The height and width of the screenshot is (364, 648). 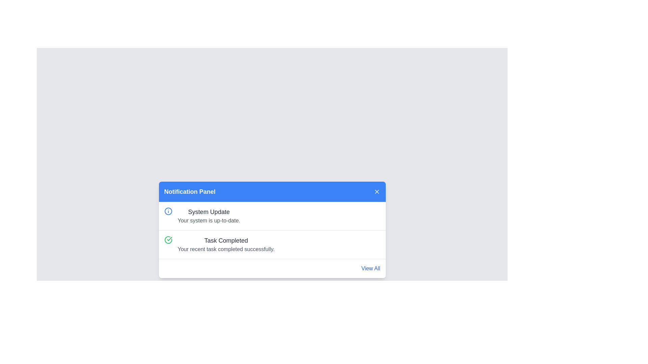 I want to click on the 'System Update' text label, which is a bold large font in dark gray located under the blue 'Notification Panel' header, so click(x=209, y=211).